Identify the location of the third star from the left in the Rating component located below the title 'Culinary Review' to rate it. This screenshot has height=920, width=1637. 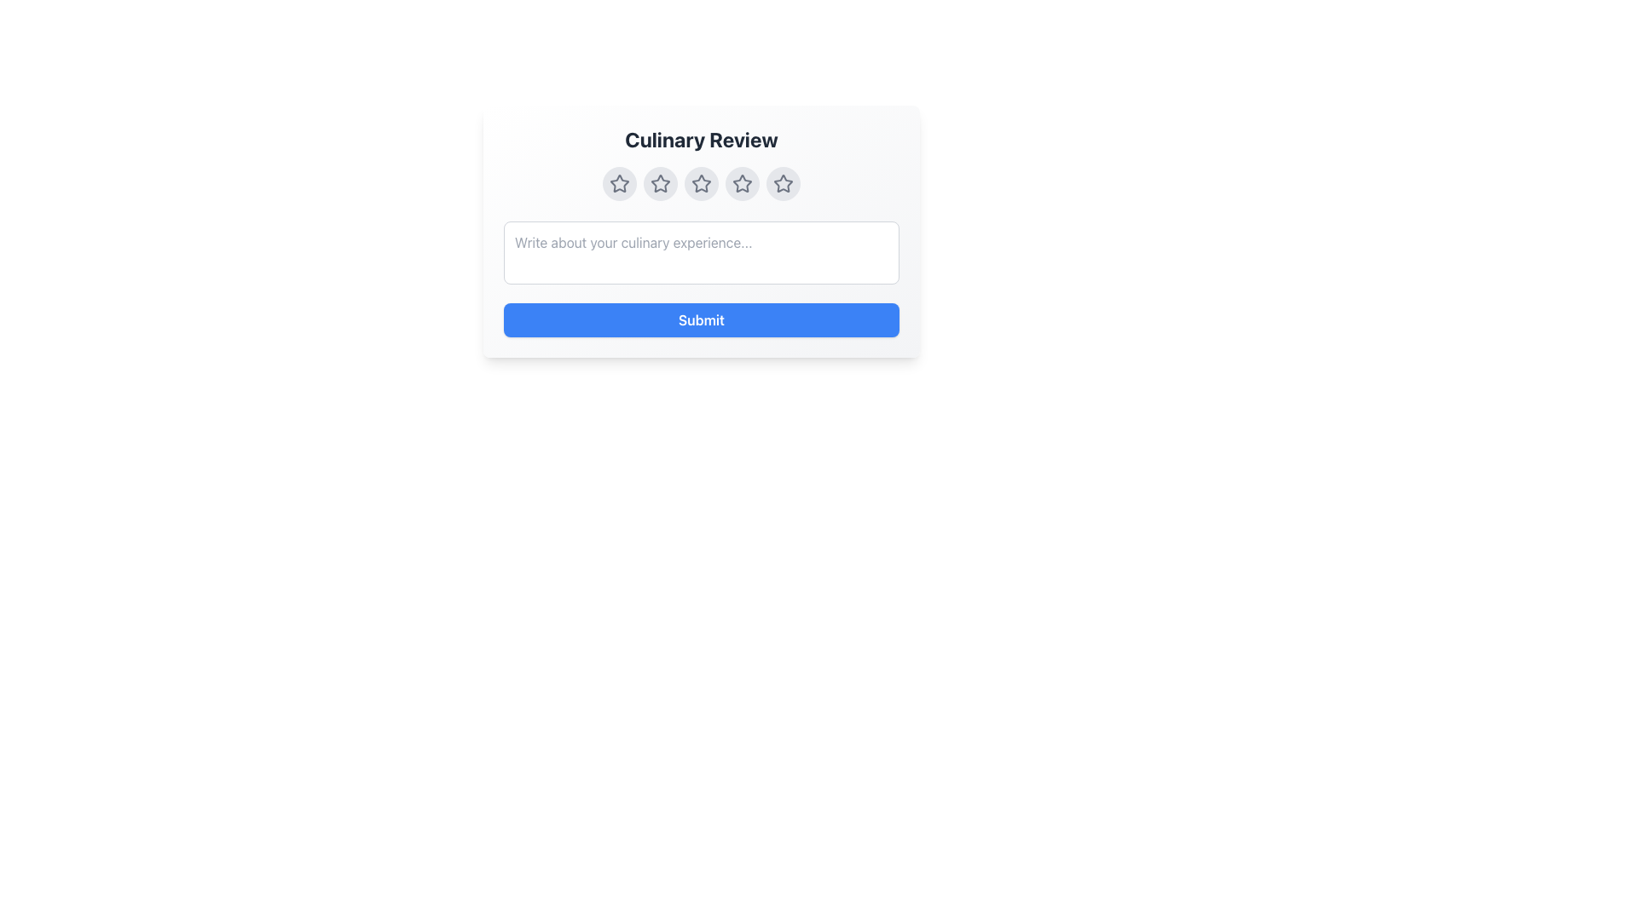
(701, 184).